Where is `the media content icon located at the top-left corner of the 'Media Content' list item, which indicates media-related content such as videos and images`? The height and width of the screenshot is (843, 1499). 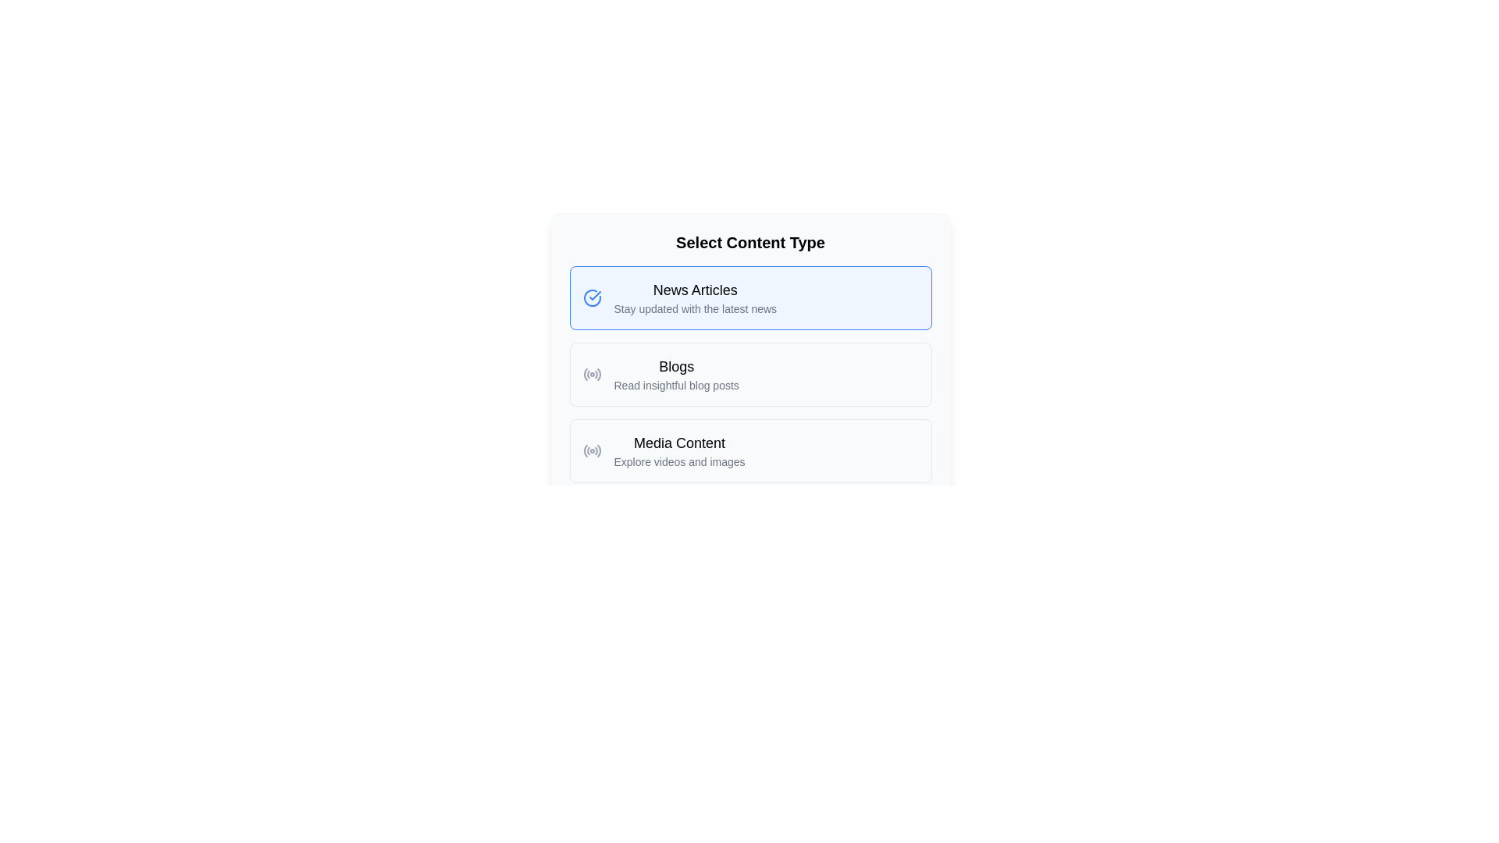
the media content icon located at the top-left corner of the 'Media Content' list item, which indicates media-related content such as videos and images is located at coordinates (591, 451).